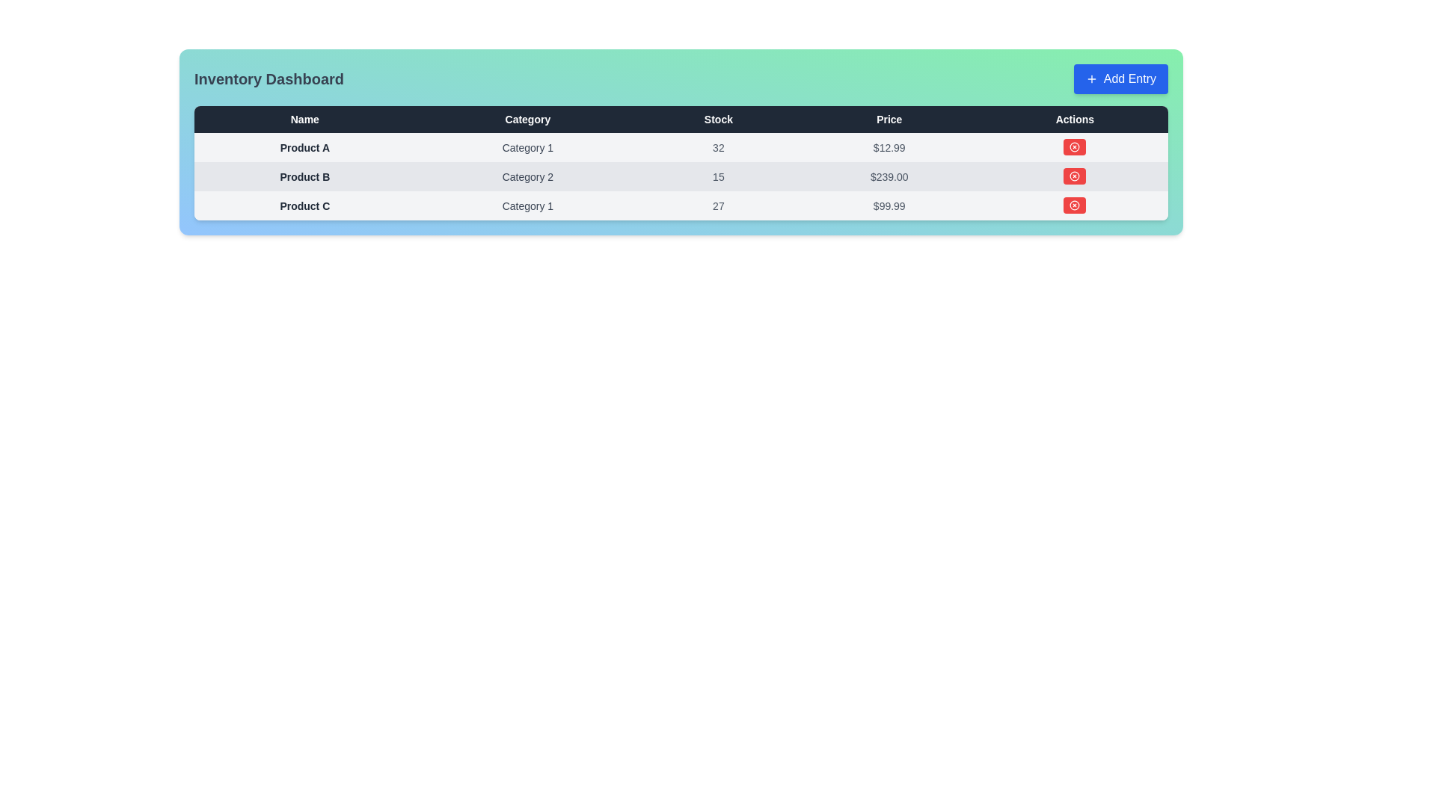  Describe the element at coordinates (269, 78) in the screenshot. I see `the Static Text displaying 'Inventory Dashboard', which is bold, large, dark gray with a hint of blue, located at the top-left corner of the interface` at that location.